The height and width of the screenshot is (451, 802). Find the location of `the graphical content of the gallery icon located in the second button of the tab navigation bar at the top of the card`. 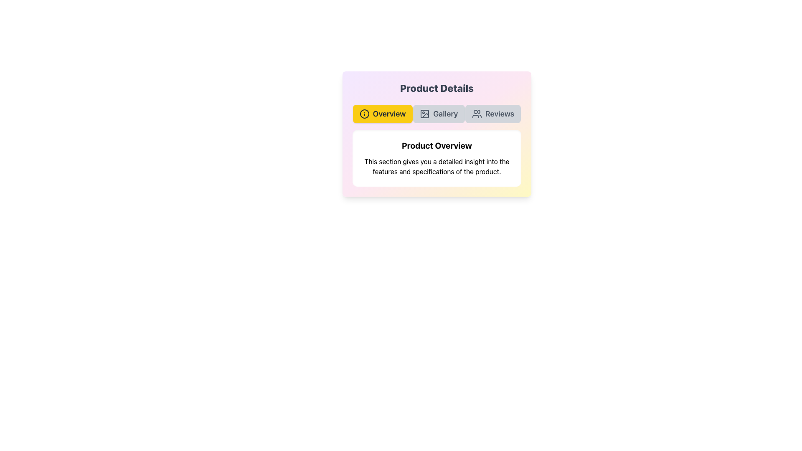

the graphical content of the gallery icon located in the second button of the tab navigation bar at the top of the card is located at coordinates (425, 116).